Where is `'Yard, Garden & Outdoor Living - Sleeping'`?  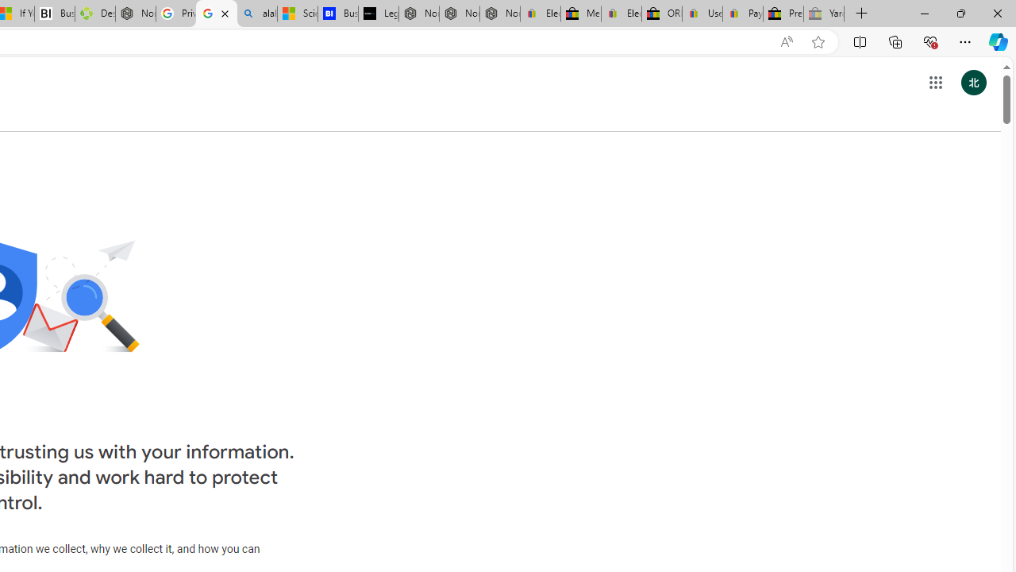 'Yard, Garden & Outdoor Living - Sleeping' is located at coordinates (824, 14).